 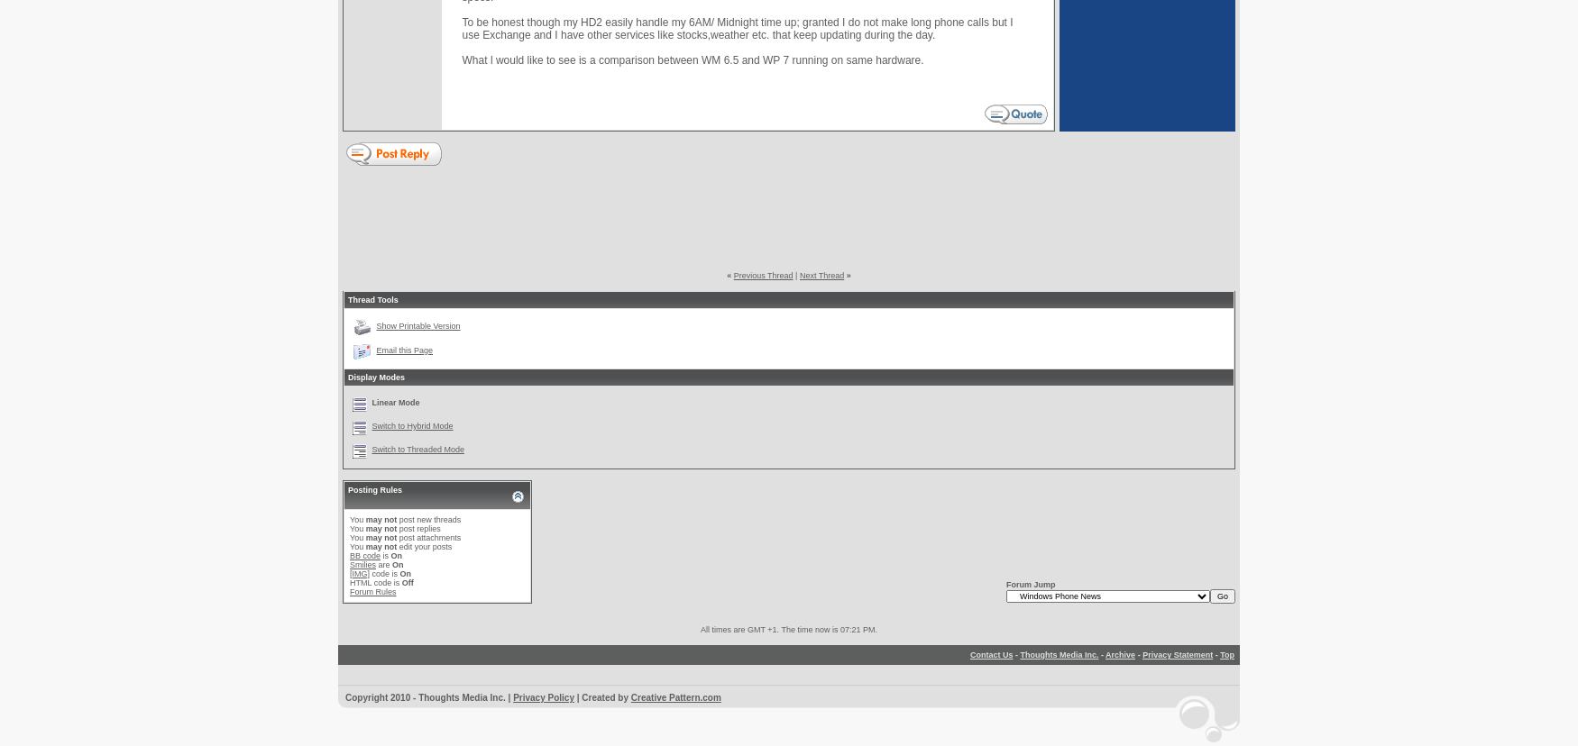 What do you see at coordinates (347, 377) in the screenshot?
I see `'Display Modes'` at bounding box center [347, 377].